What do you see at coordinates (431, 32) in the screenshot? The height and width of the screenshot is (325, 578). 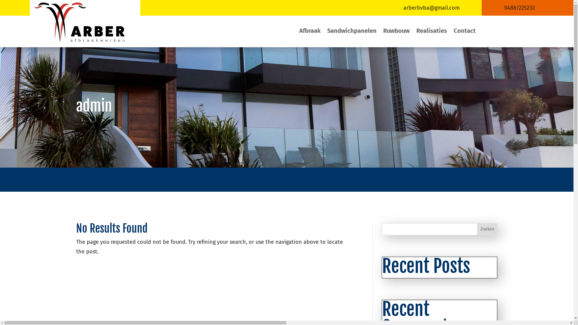 I see `'Realisaties'` at bounding box center [431, 32].